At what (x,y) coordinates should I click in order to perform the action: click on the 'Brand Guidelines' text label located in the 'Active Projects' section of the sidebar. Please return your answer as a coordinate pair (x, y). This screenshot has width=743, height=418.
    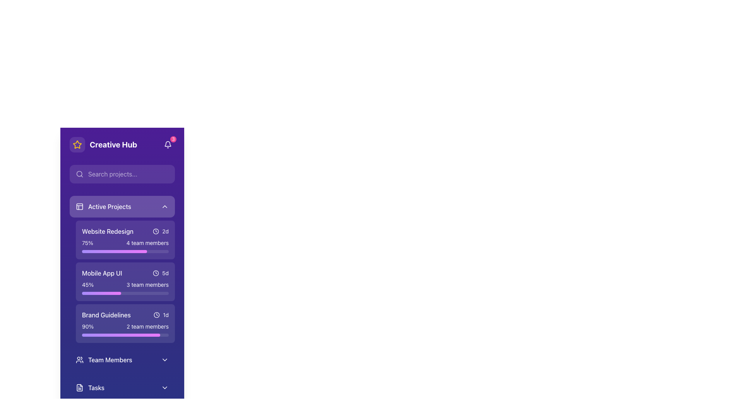
    Looking at the image, I should click on (106, 315).